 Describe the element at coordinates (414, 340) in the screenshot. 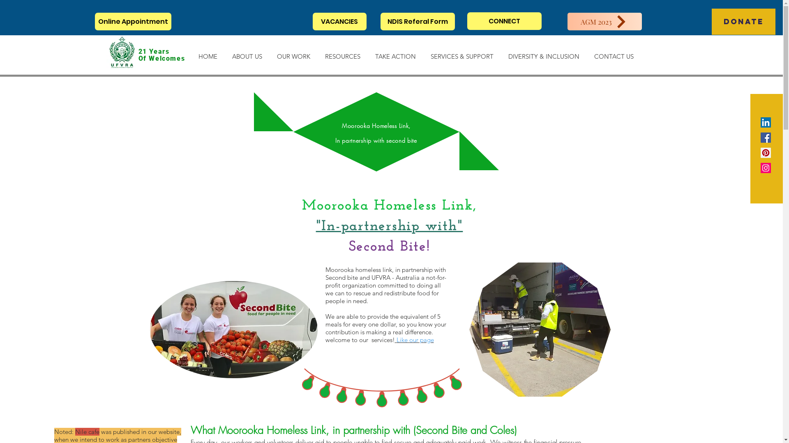

I see `'Like our page'` at that location.